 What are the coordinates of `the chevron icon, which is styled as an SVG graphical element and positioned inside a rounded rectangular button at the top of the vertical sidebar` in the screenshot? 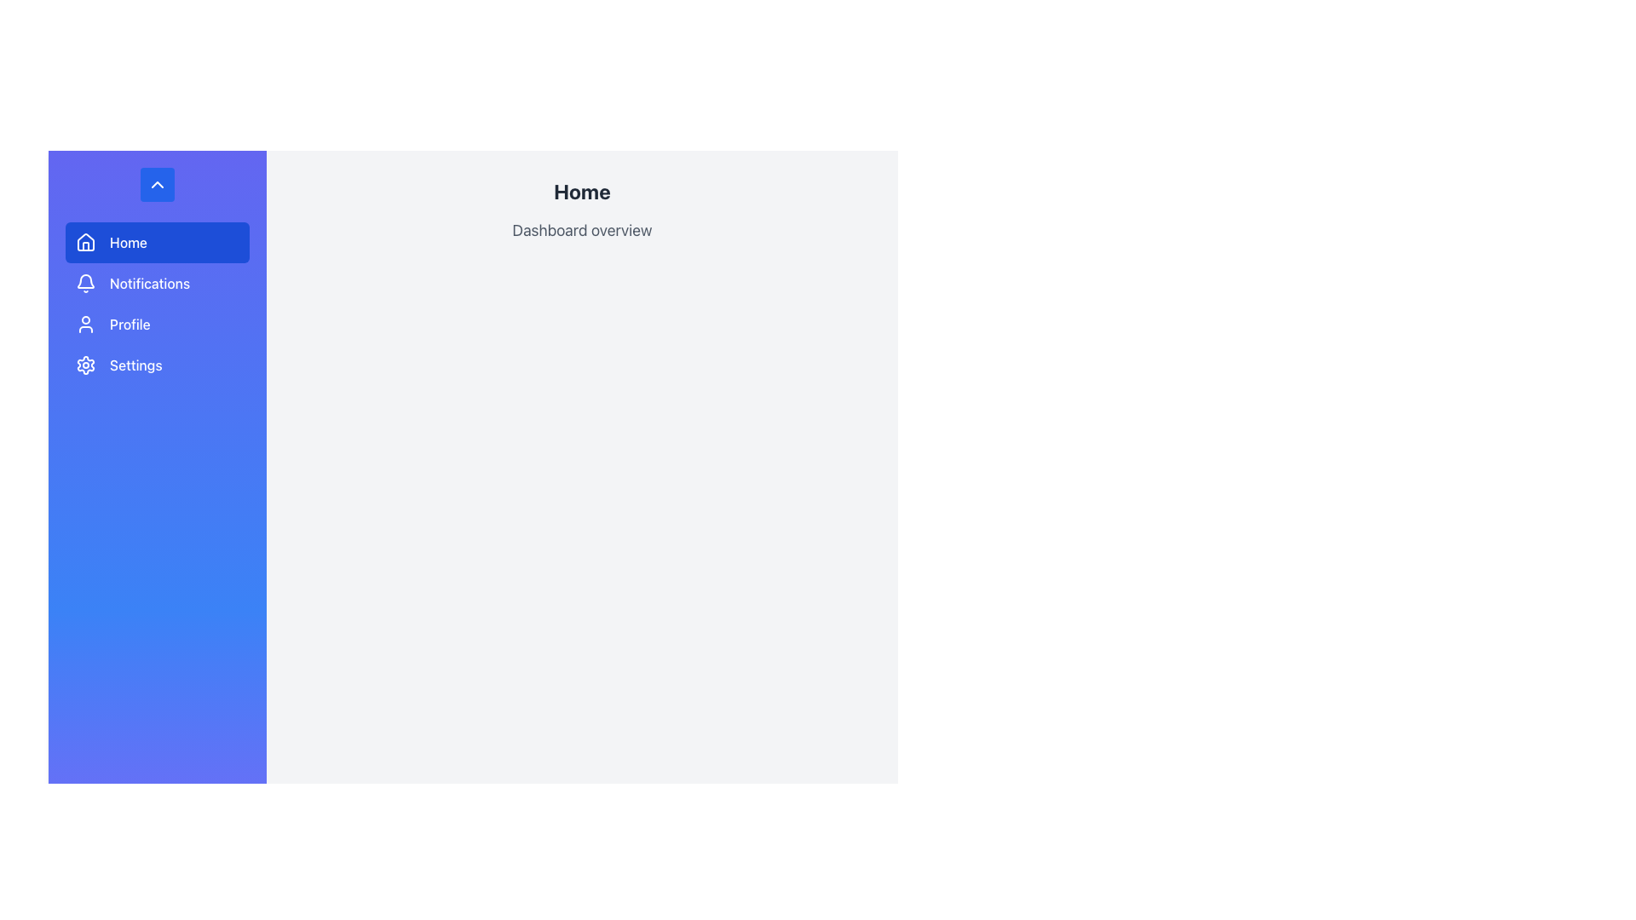 It's located at (158, 184).